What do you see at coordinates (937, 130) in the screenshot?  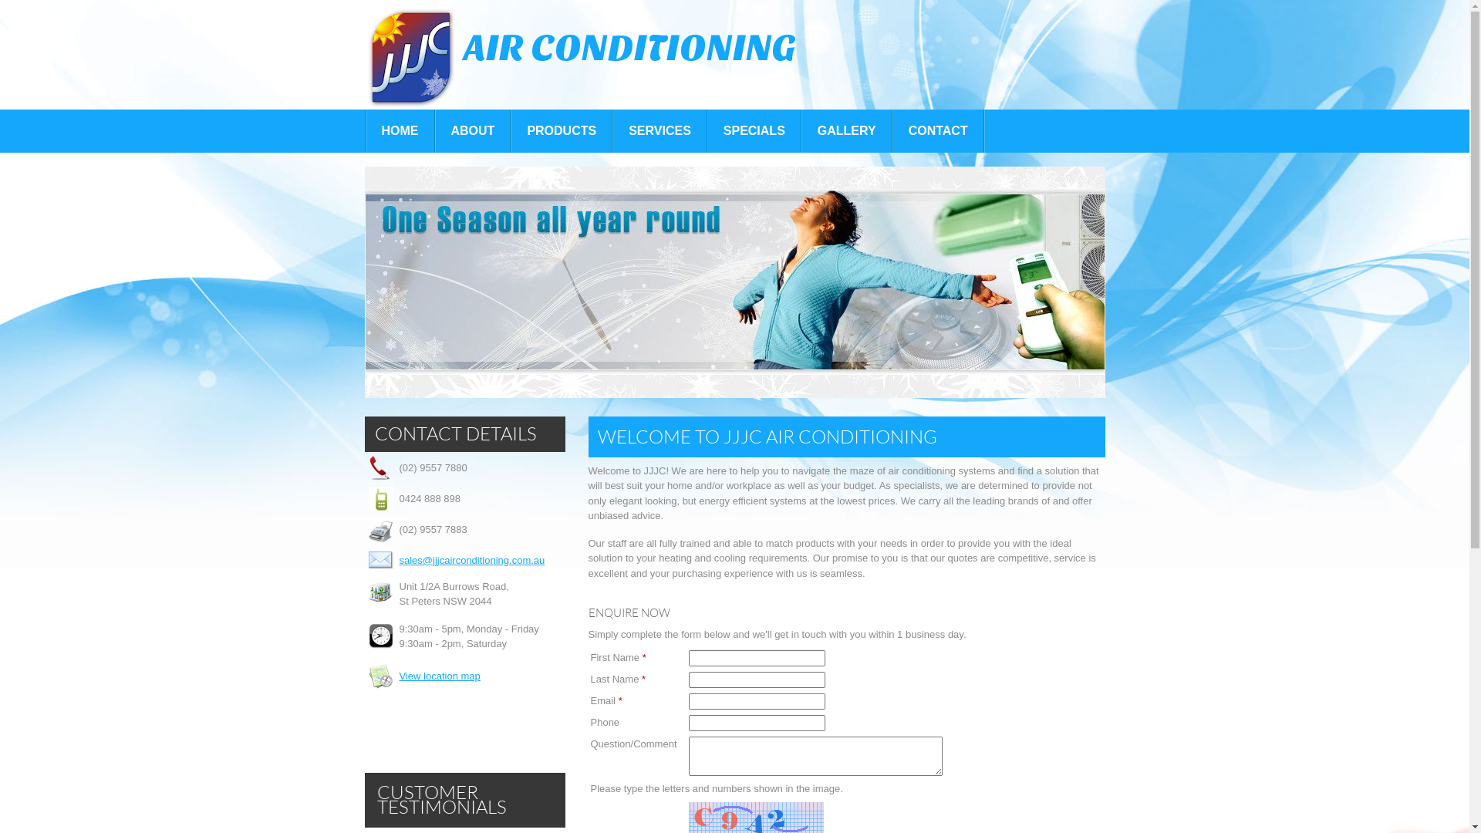 I see `'CONTACT'` at bounding box center [937, 130].